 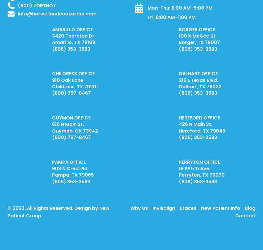 I want to click on '426 N Main St.', so click(x=195, y=124).